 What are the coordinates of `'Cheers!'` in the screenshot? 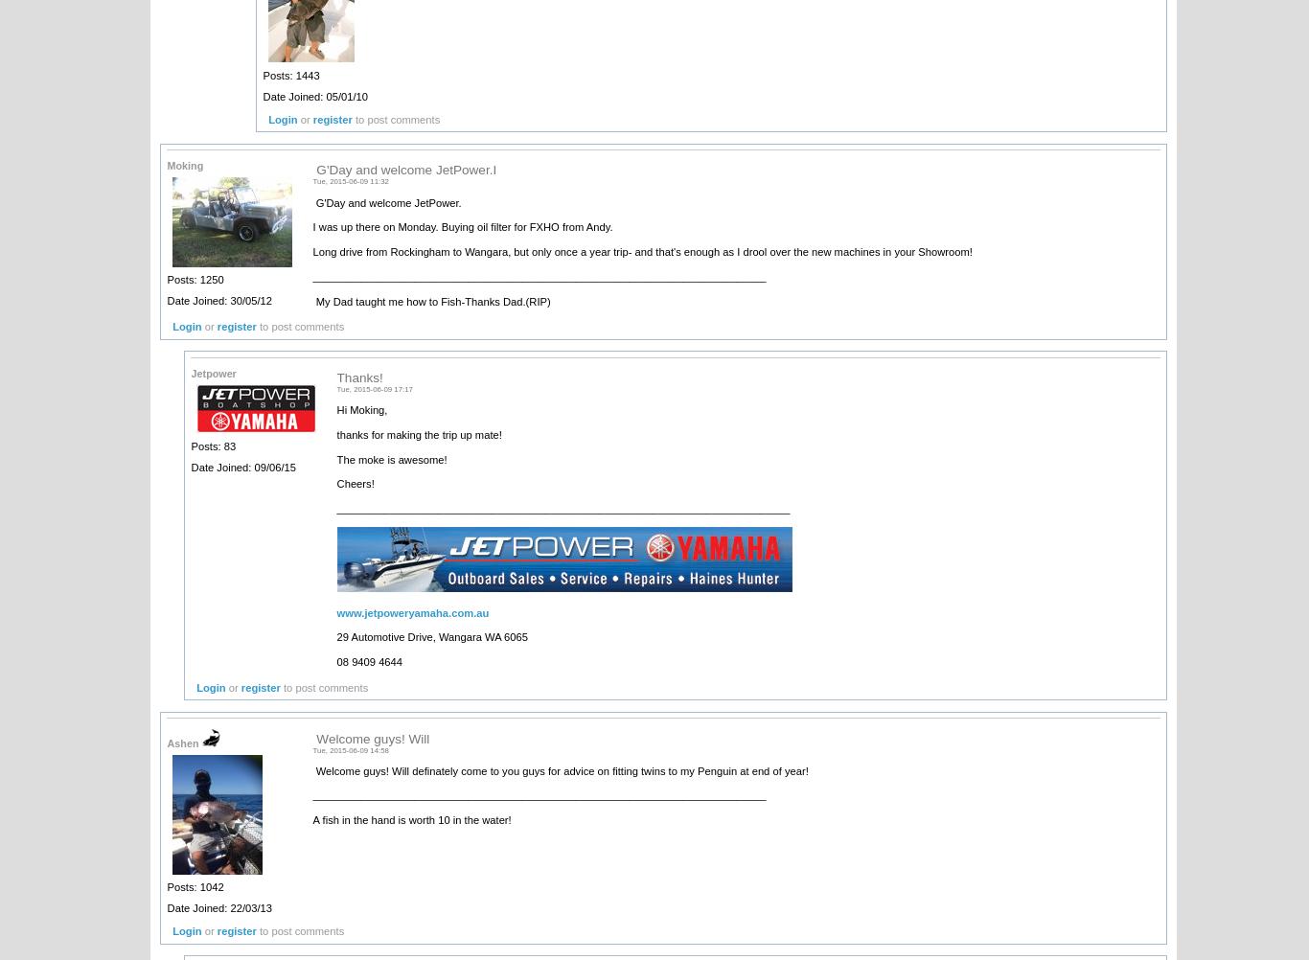 It's located at (355, 484).